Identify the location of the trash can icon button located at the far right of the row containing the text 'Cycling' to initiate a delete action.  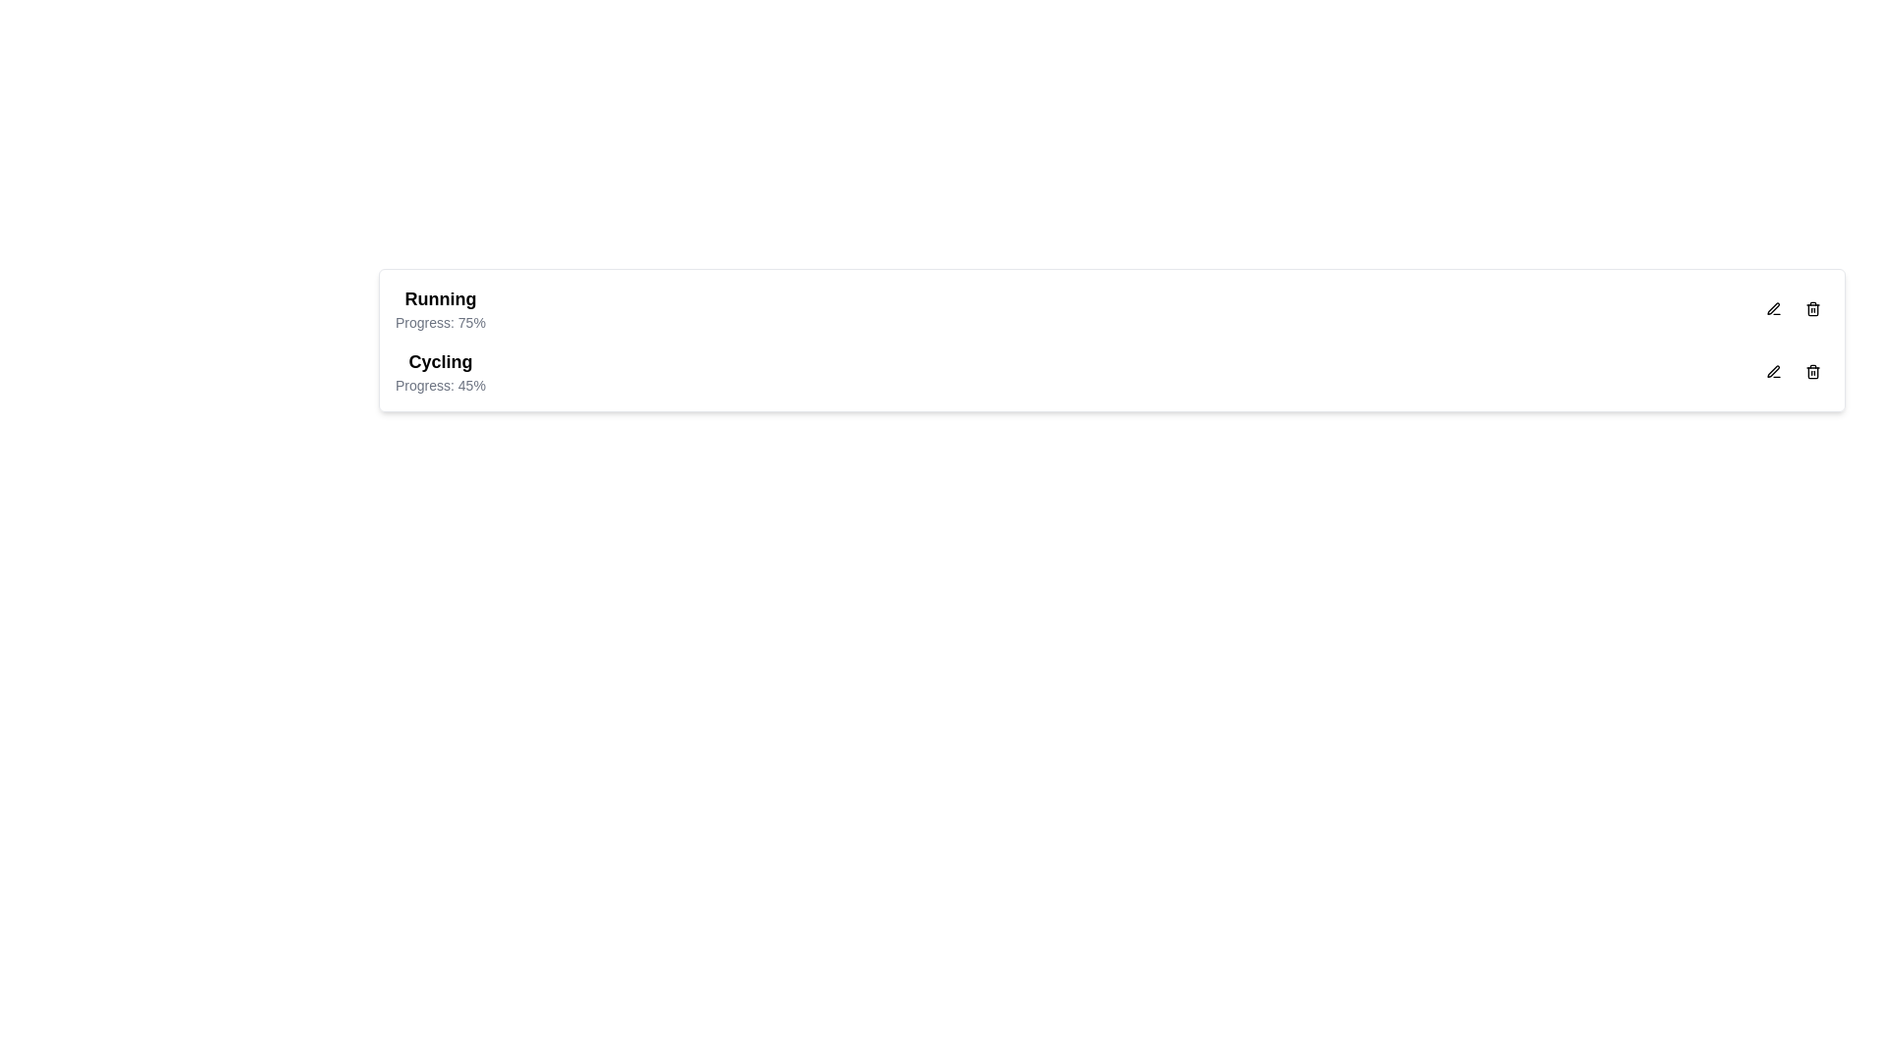
(1812, 371).